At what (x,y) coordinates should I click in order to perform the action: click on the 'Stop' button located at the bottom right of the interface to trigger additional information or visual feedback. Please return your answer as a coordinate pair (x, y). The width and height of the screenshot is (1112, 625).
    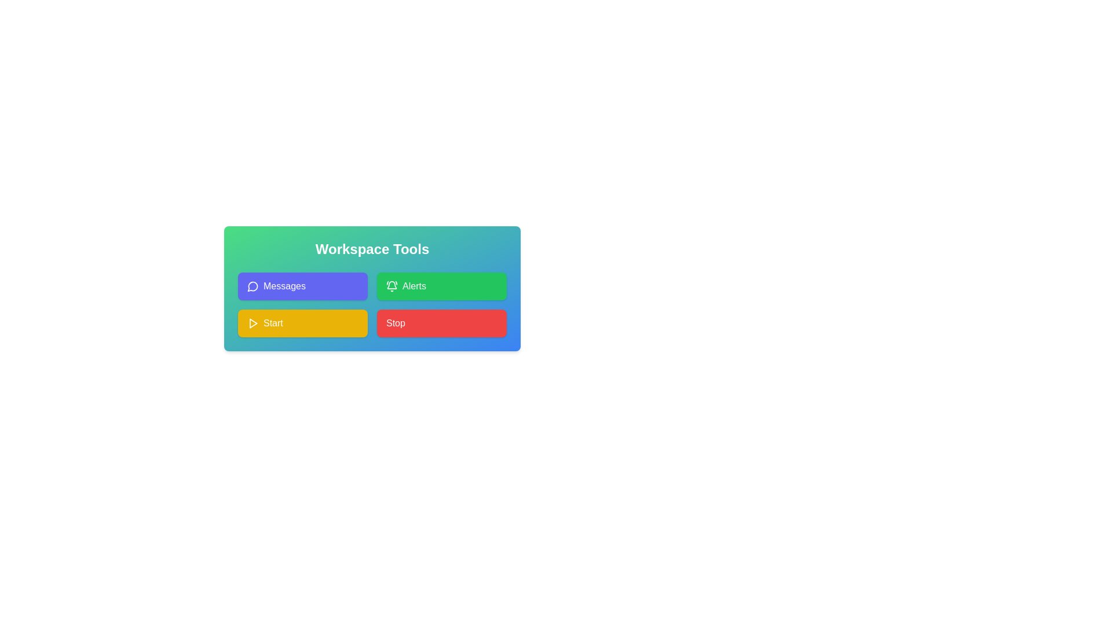
    Looking at the image, I should click on (396, 323).